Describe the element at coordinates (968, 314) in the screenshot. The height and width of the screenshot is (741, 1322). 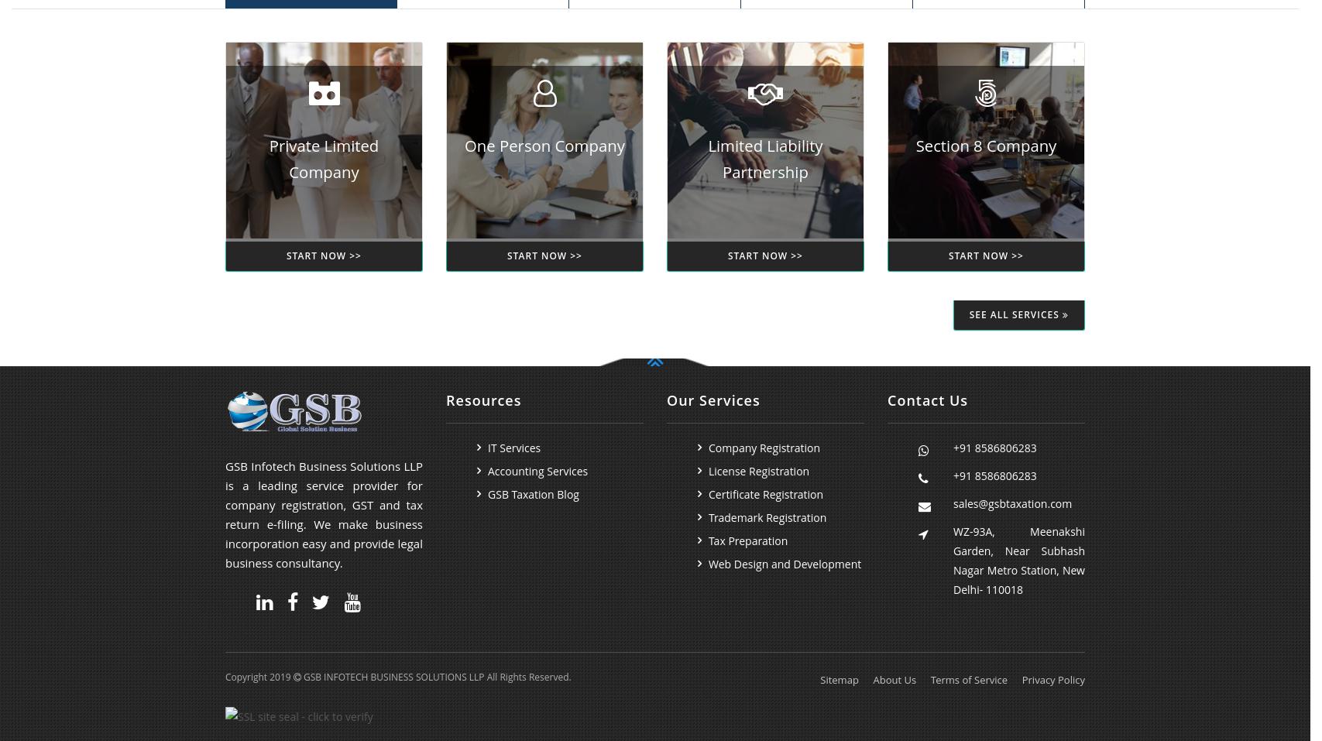
I see `'See All Services'` at that location.